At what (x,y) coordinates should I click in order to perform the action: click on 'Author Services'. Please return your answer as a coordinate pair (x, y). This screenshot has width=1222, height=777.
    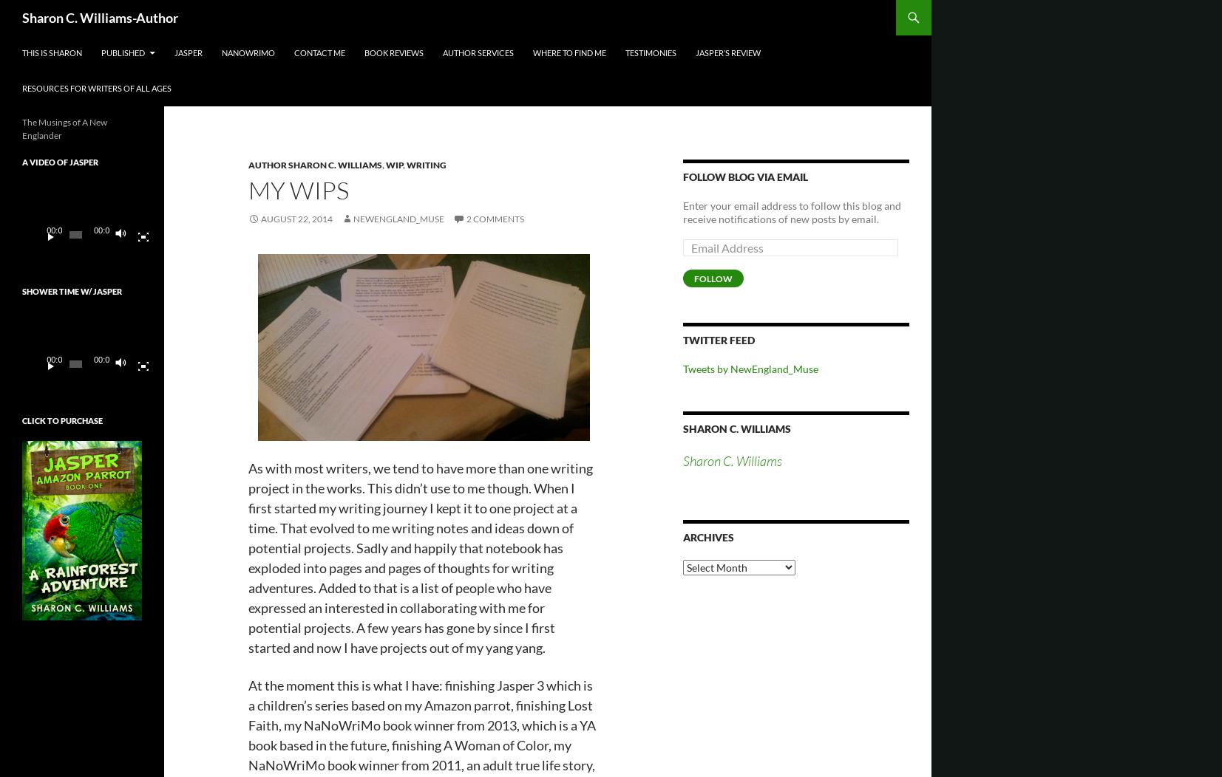
    Looking at the image, I should click on (477, 52).